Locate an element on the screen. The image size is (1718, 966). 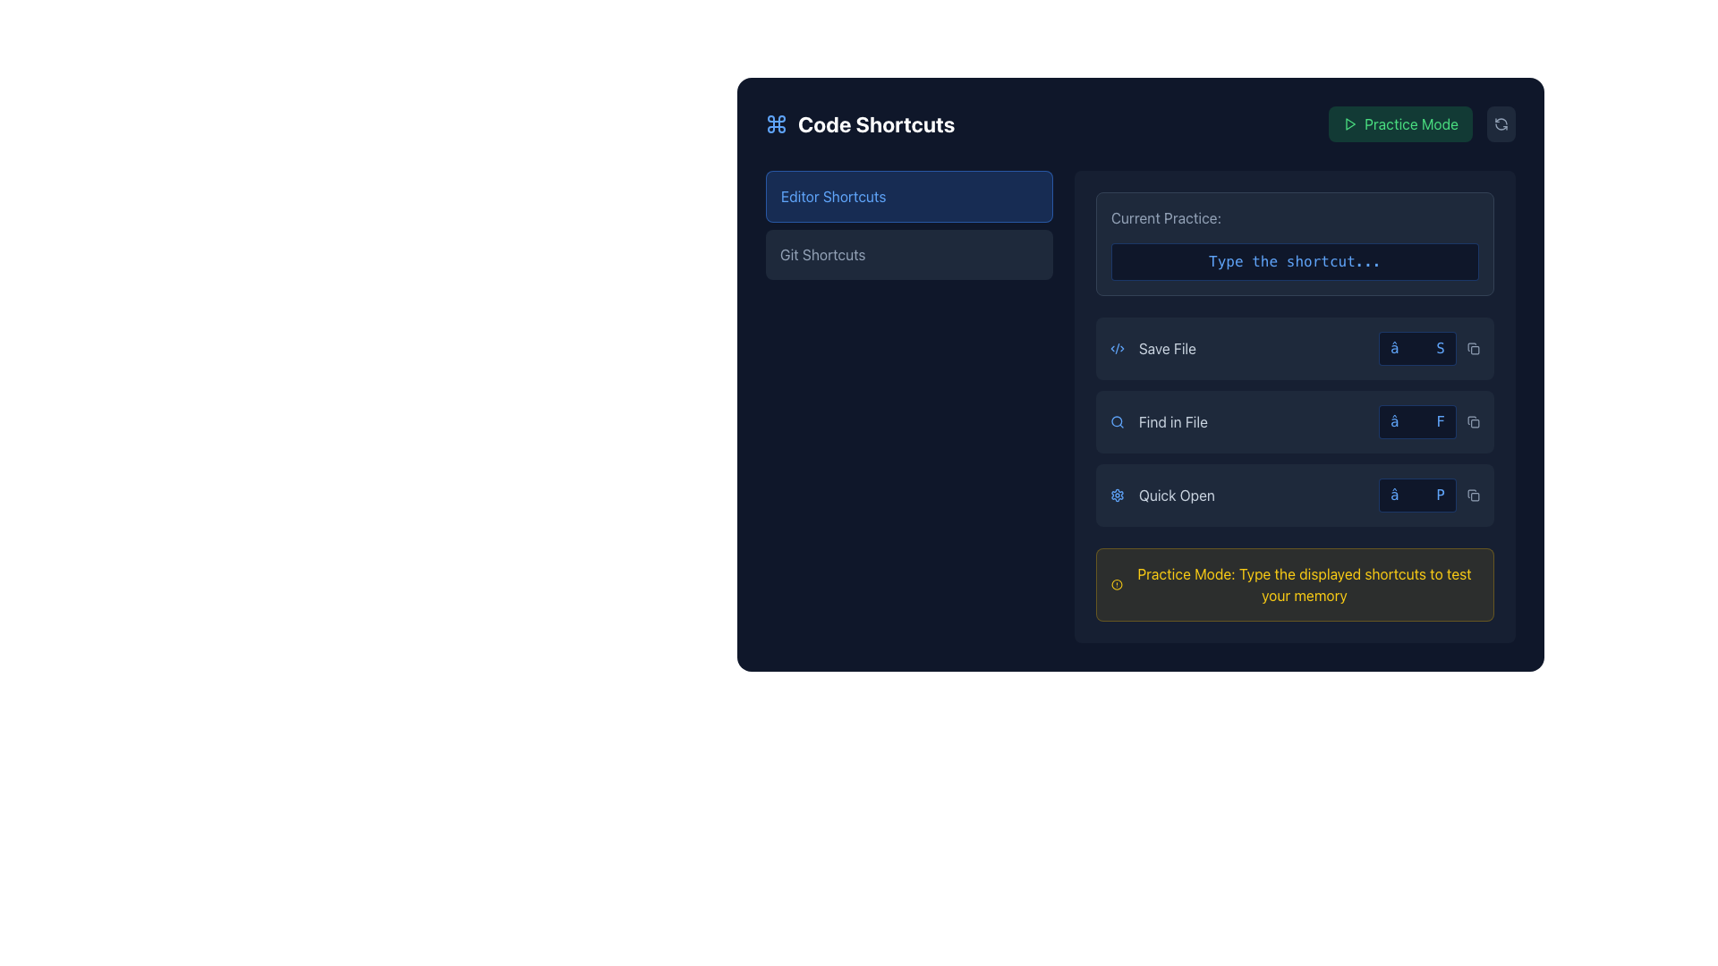
the 'Find in File' button, which features a magnifying glass icon and is positioned below 'Save File' and above 'Quick Open' in the center-right area of the interface is located at coordinates (1159, 421).